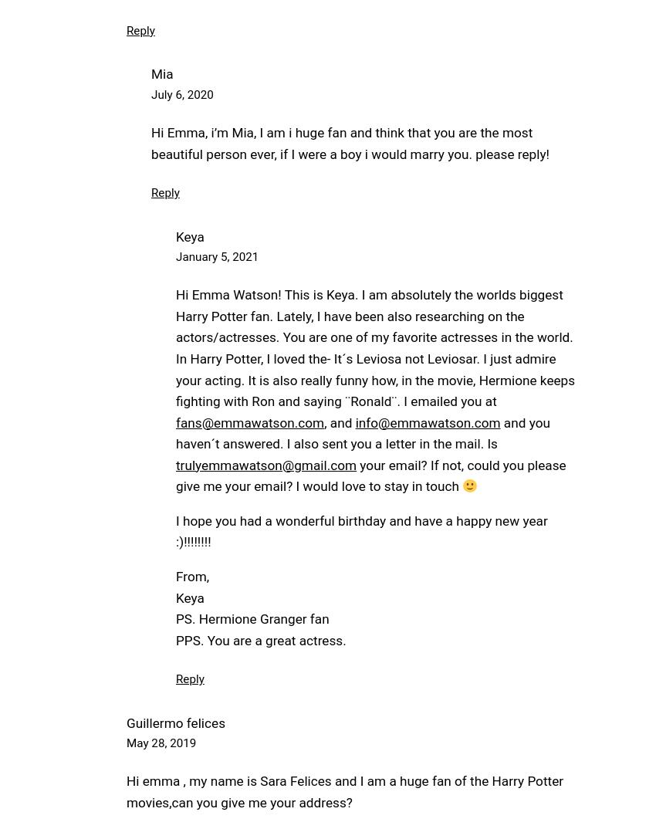 The image size is (656, 829). I want to click on 'January 5, 2021', so click(216, 256).